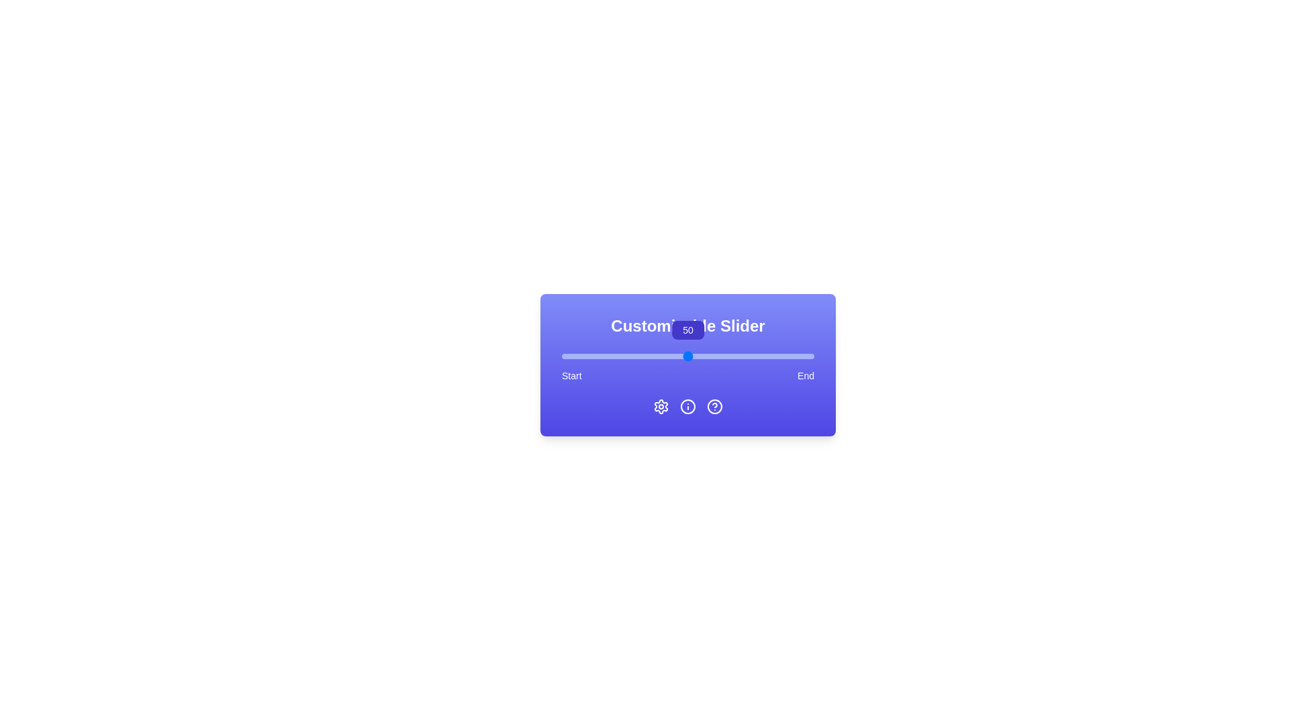 This screenshot has height=725, width=1289. Describe the element at coordinates (794, 356) in the screenshot. I see `the slider to set the value to 92` at that location.